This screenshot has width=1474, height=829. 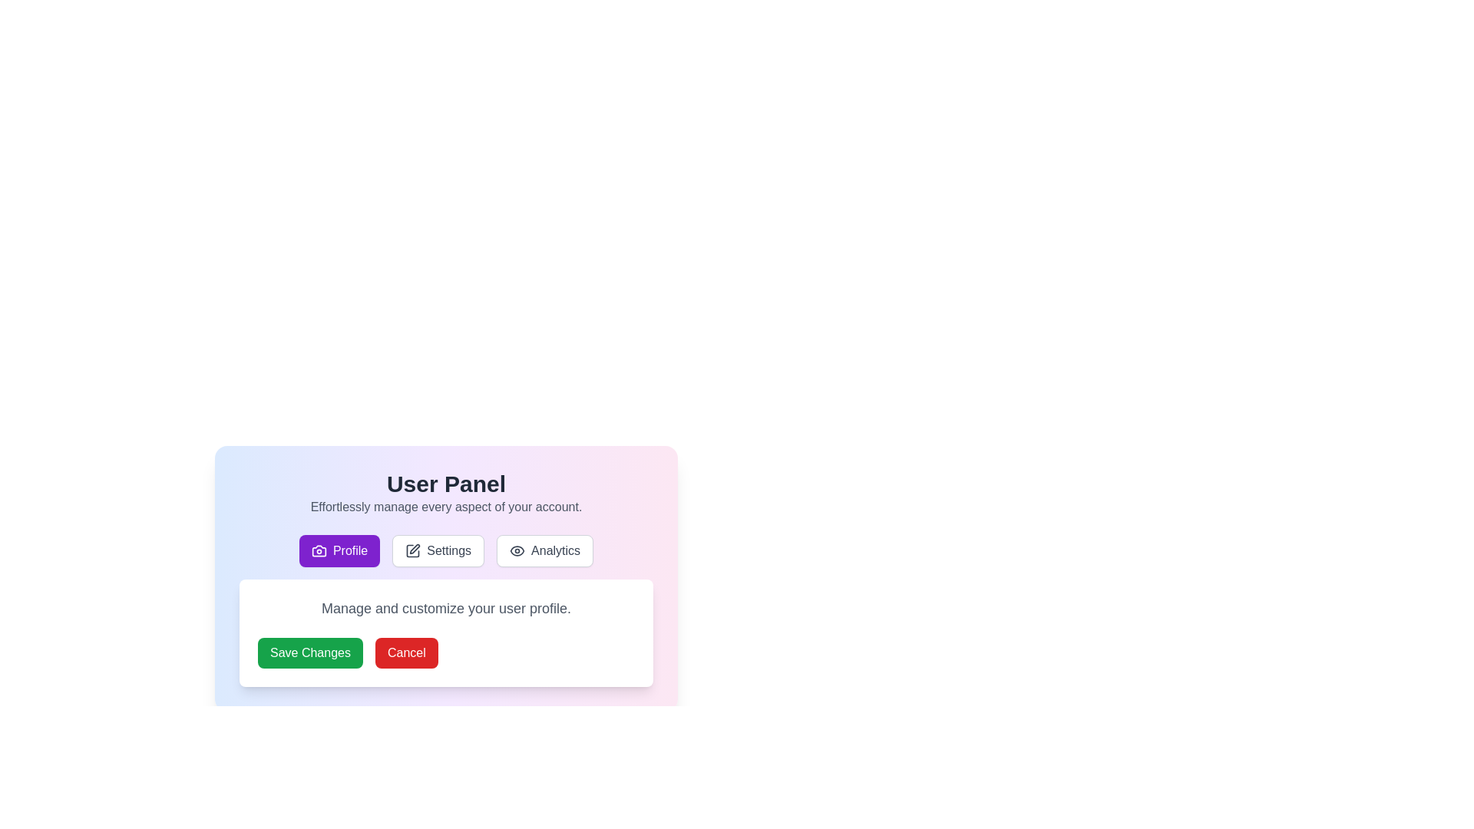 I want to click on the Analytics tab, so click(x=545, y=550).